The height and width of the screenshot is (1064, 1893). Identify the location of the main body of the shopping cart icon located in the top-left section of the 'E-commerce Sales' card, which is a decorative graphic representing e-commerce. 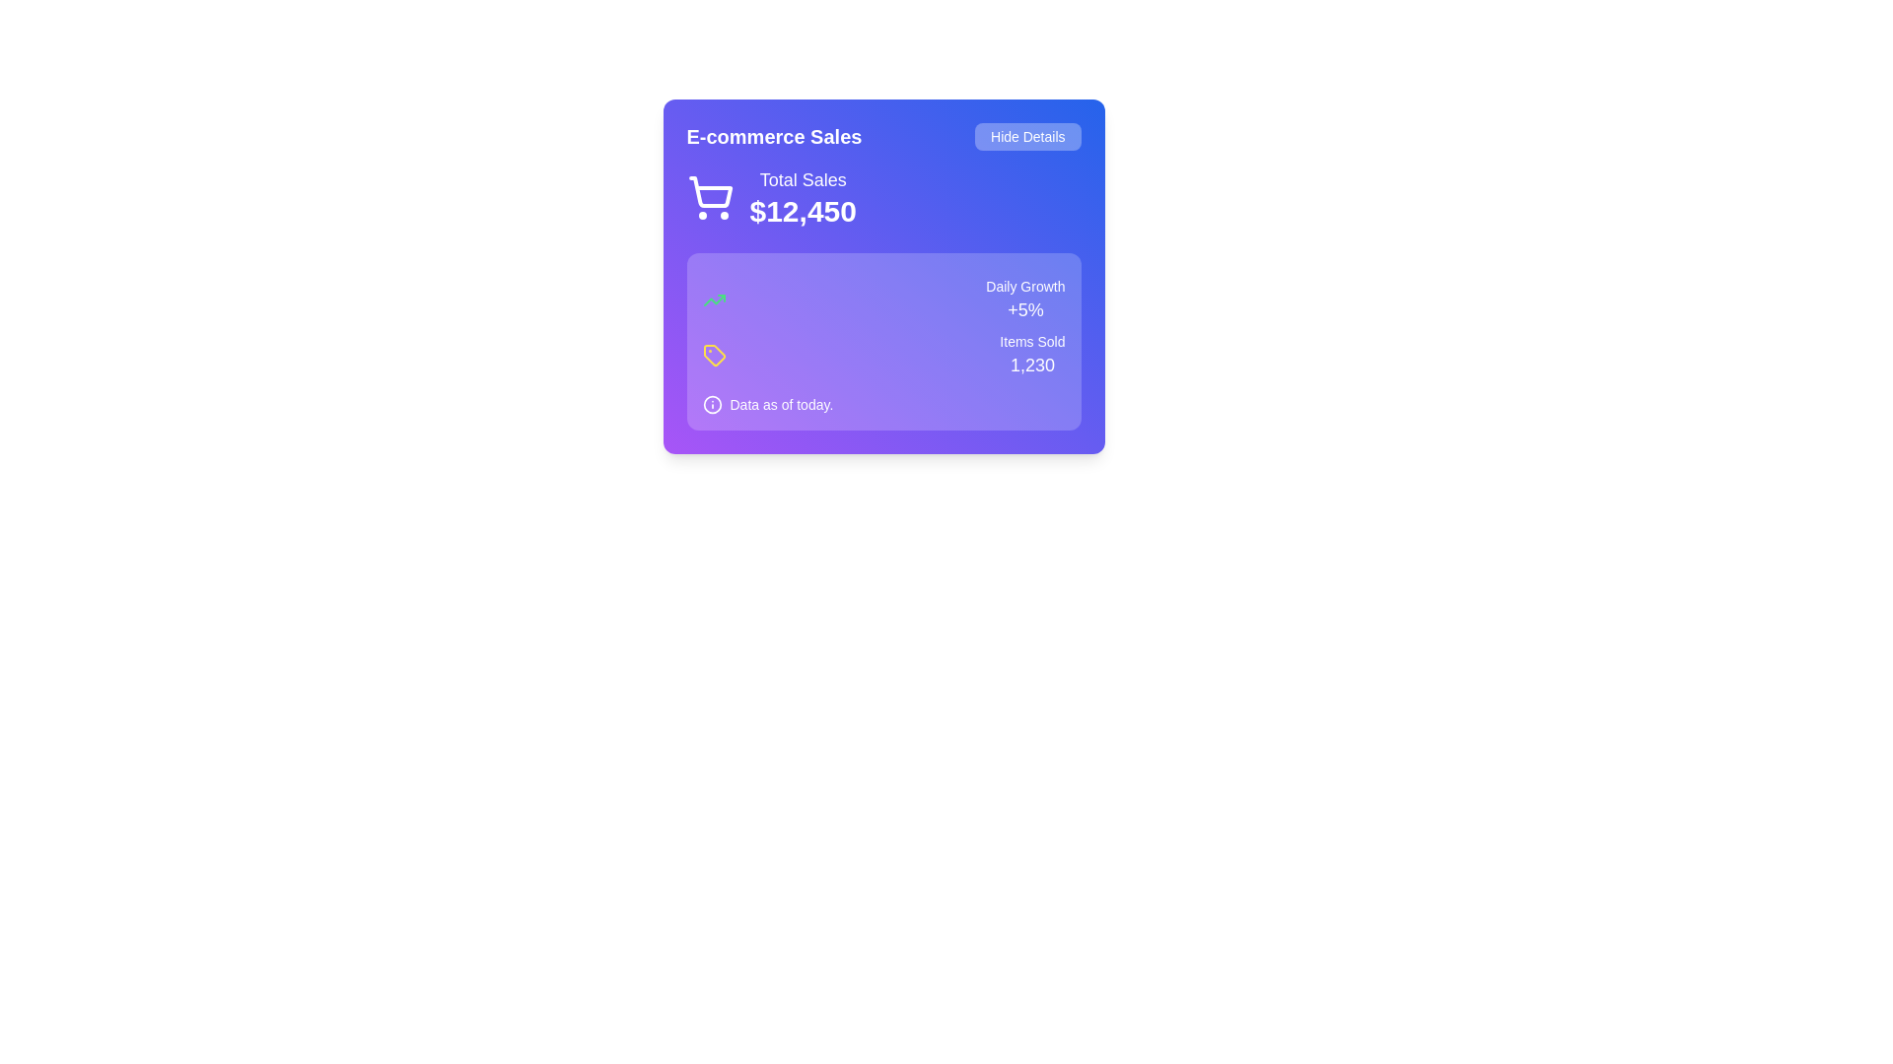
(710, 192).